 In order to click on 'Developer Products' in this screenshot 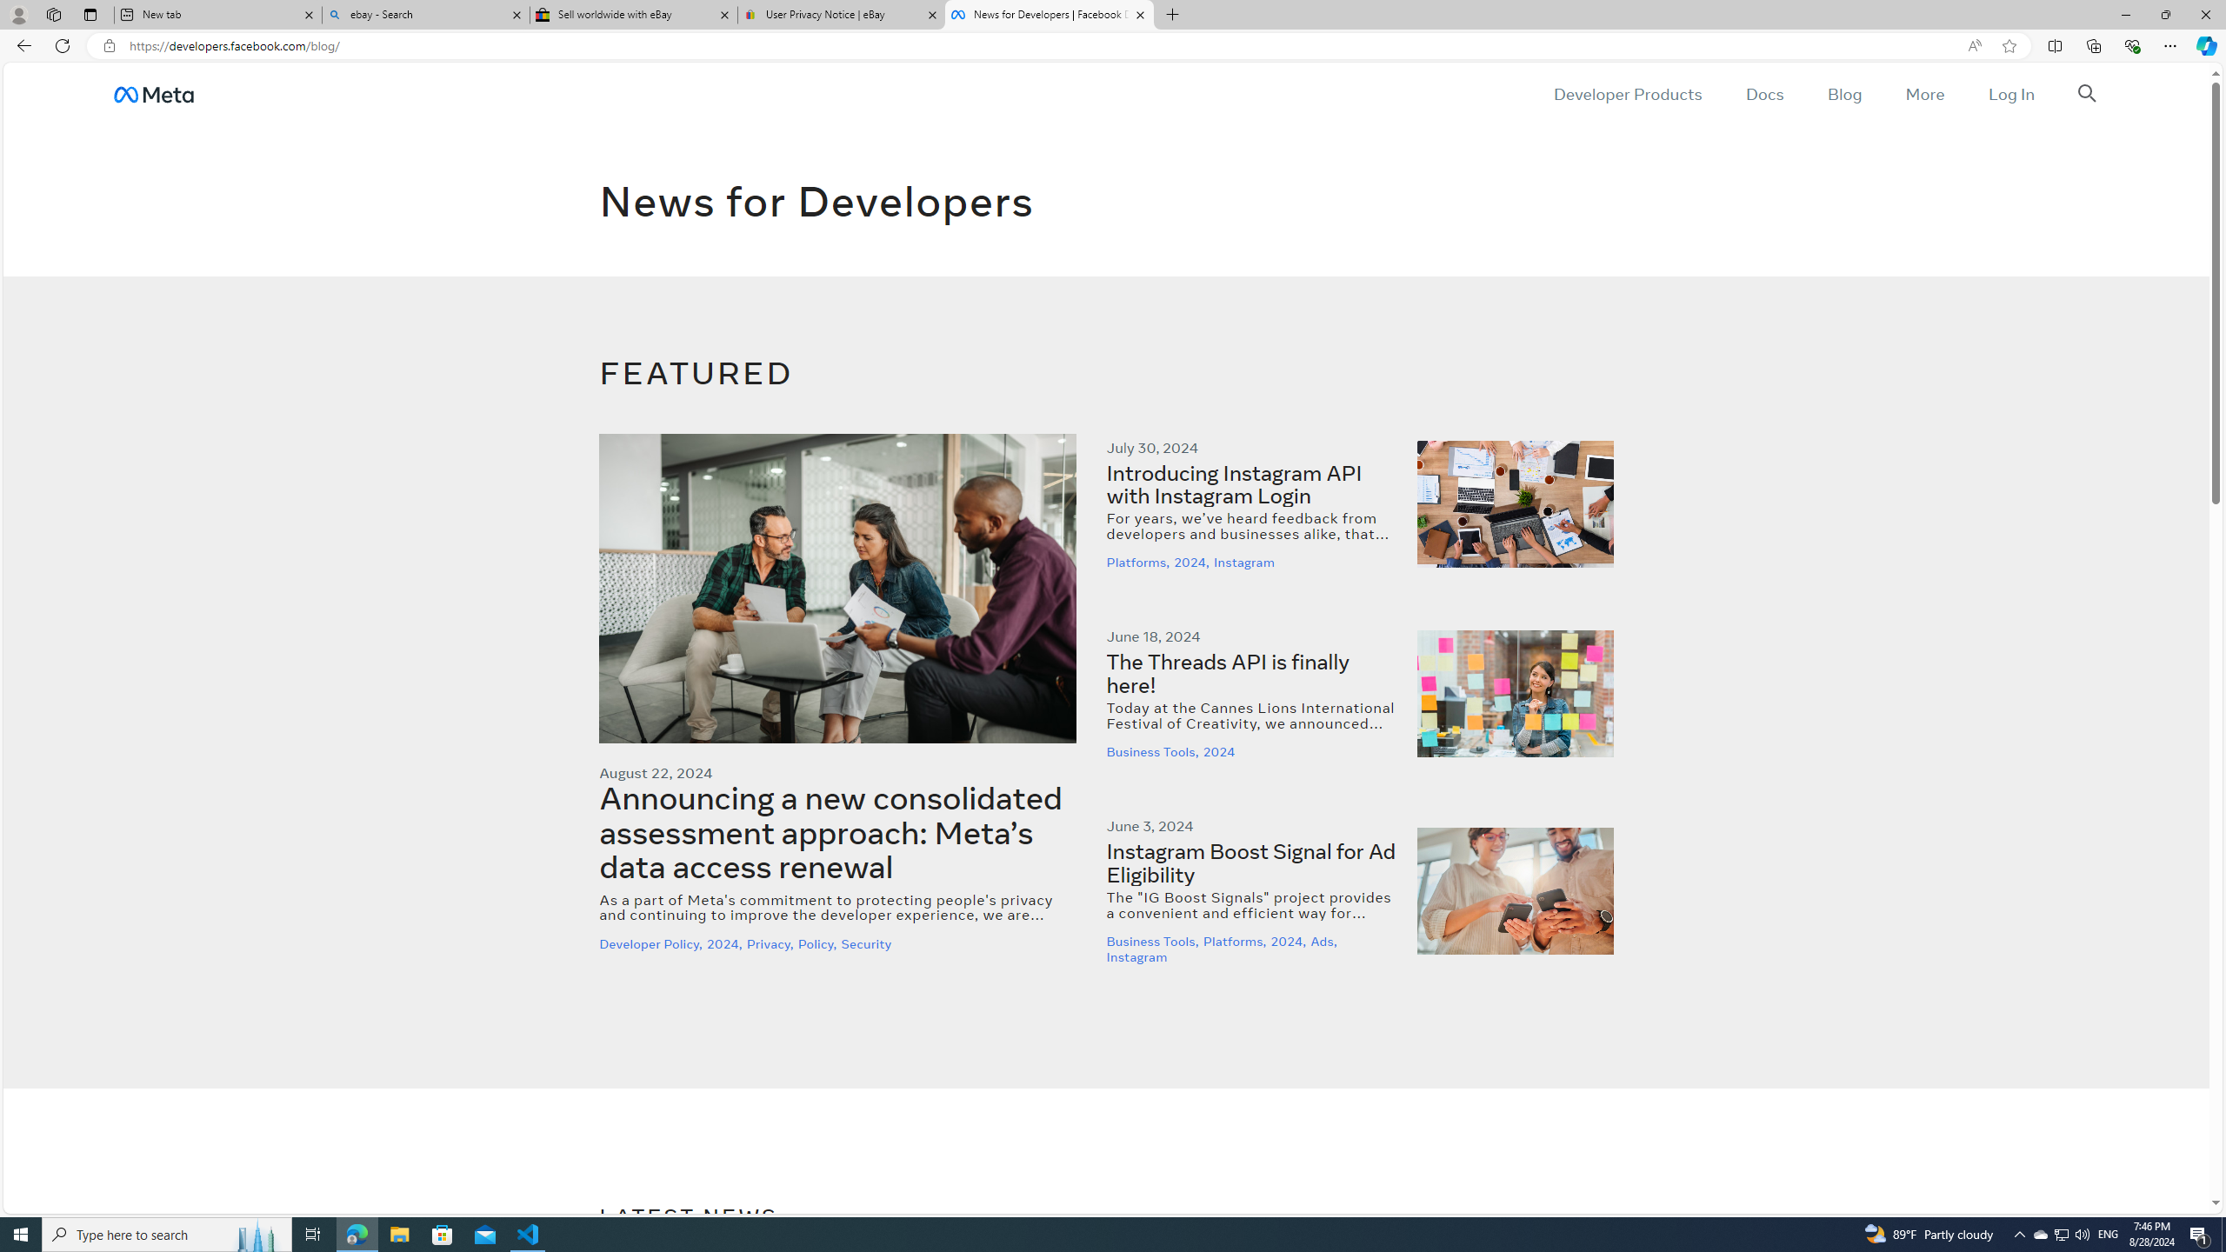, I will do `click(1627, 93)`.